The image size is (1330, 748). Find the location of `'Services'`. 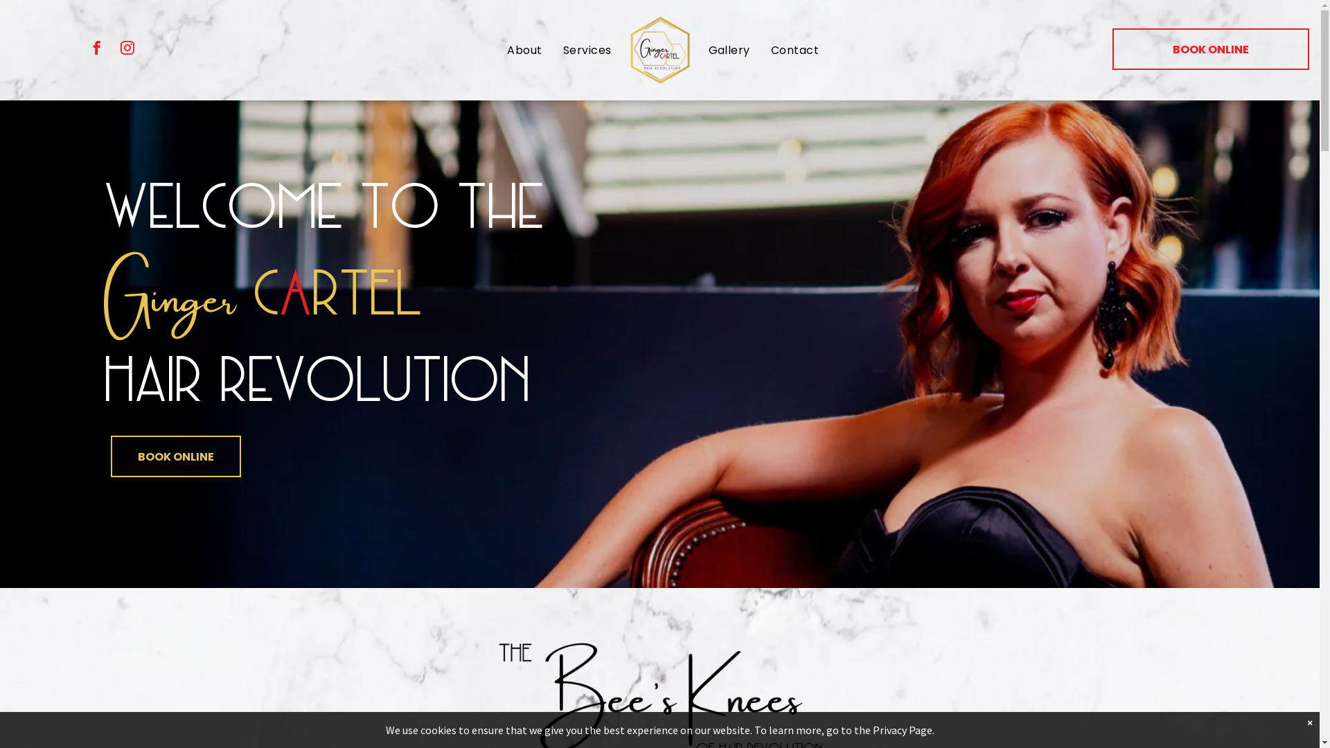

'Services' is located at coordinates (587, 49).